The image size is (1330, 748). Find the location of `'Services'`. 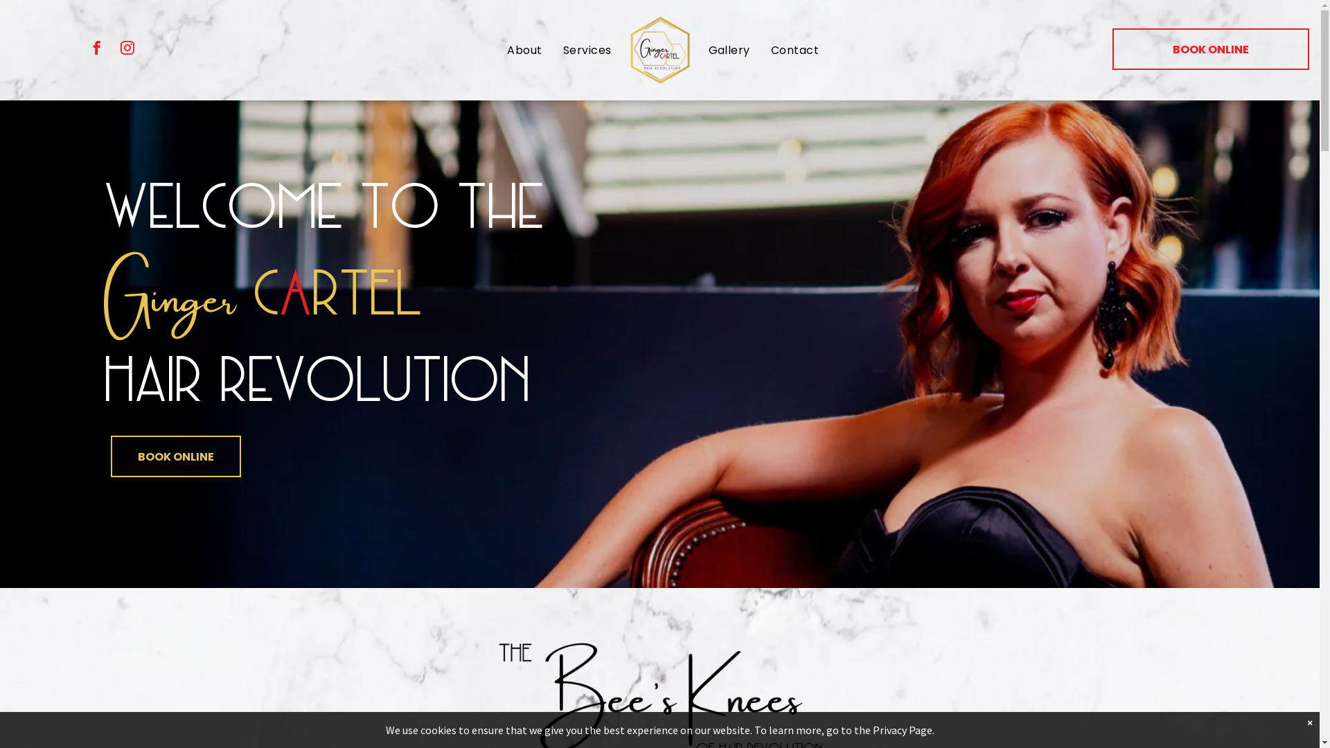

'Services' is located at coordinates (587, 49).